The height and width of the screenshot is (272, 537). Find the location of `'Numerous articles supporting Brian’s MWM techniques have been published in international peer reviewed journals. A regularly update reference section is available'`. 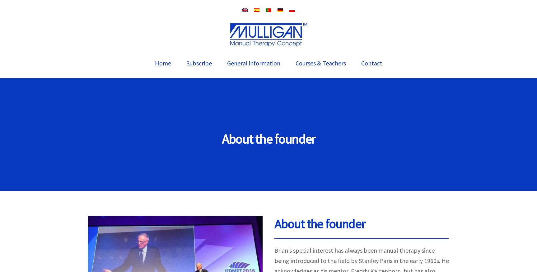

'Numerous articles supporting Brian’s MWM techniques have been published in international peer reviewed journals. A regularly update reference section is available' is located at coordinates (274, 43).